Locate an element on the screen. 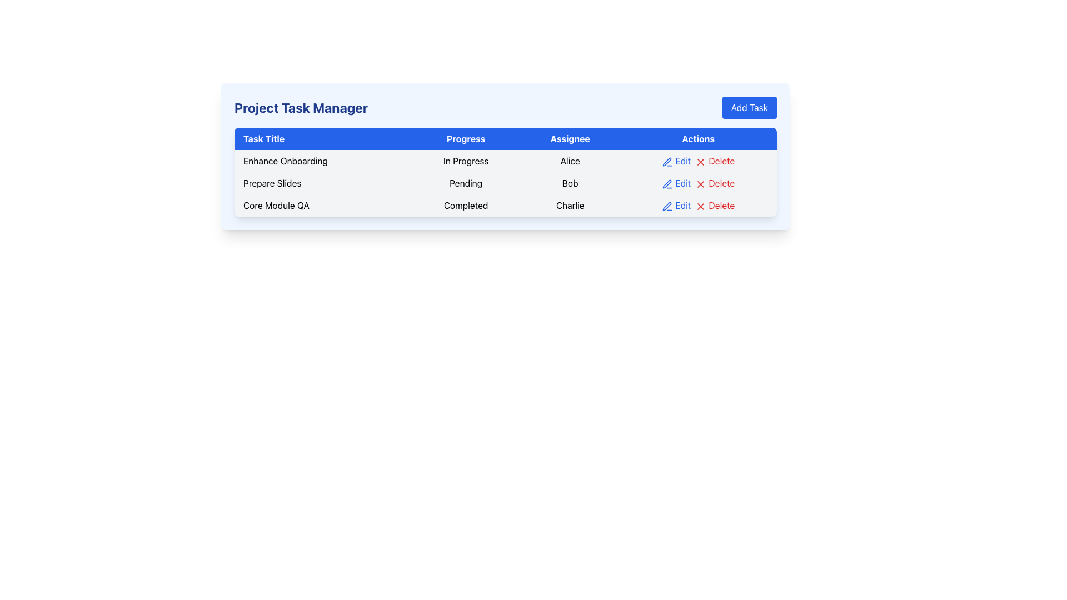 This screenshot has height=600, width=1067. the status label for the 'Enhance Onboarding' task located in the 'Progress' column of the table, which indicates that the task is currently ongoing is located at coordinates (466, 161).